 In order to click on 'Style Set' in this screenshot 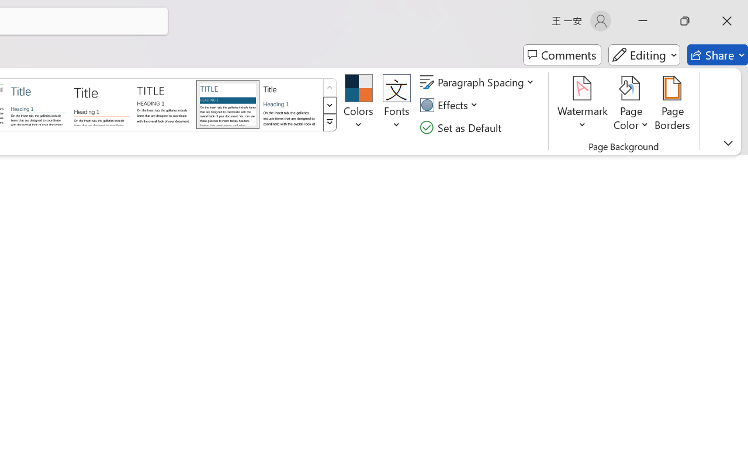, I will do `click(329, 123)`.